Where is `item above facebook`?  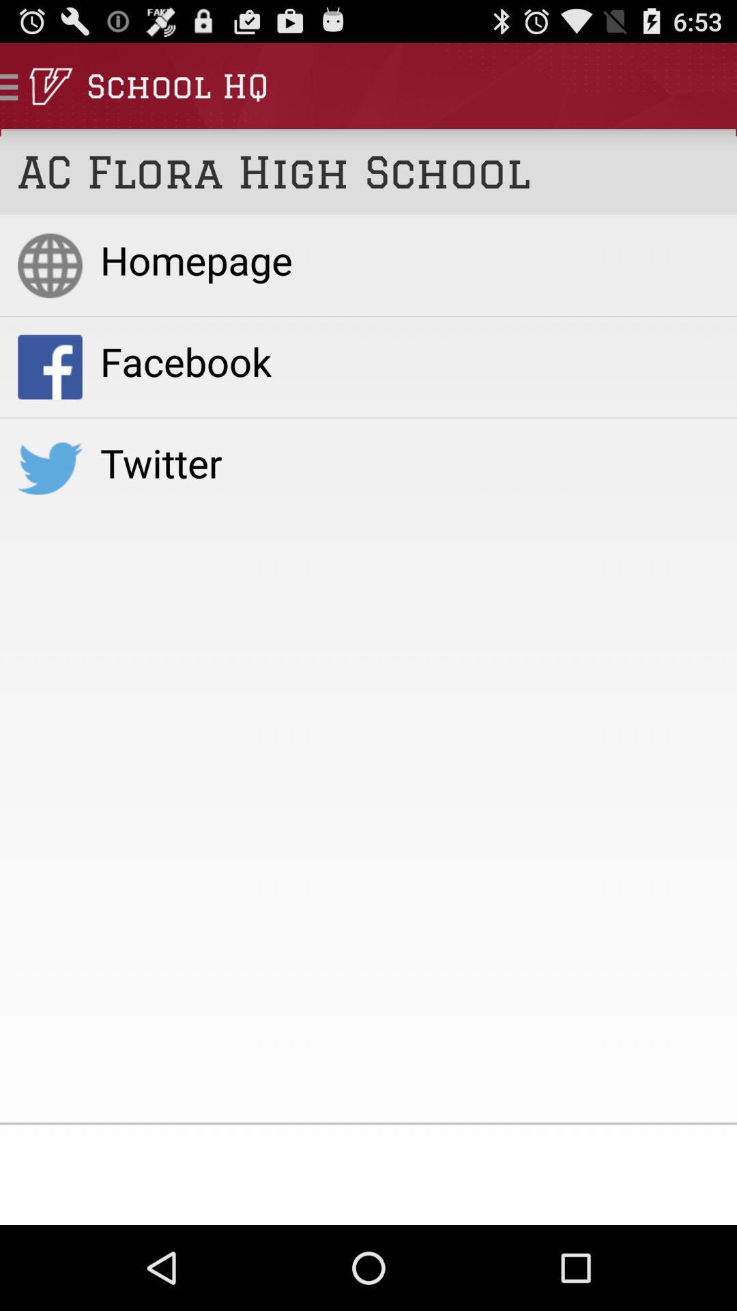
item above facebook is located at coordinates (409, 259).